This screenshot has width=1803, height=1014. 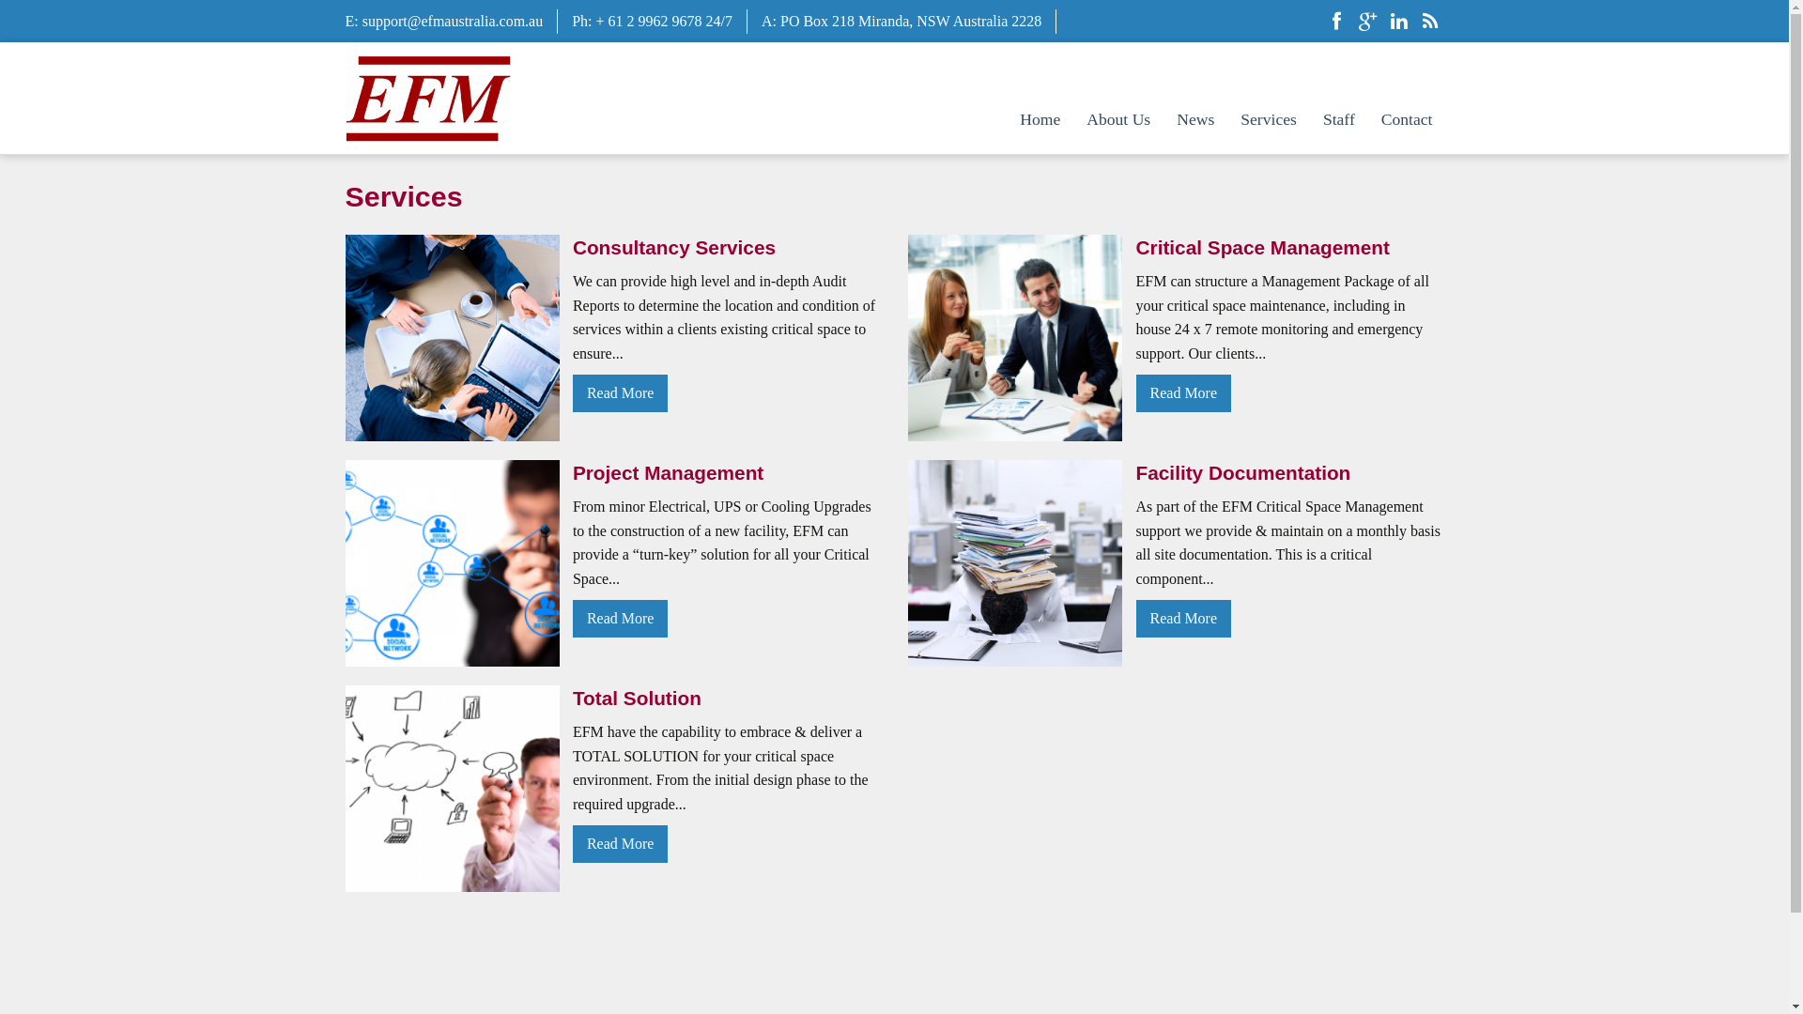 What do you see at coordinates (571, 392) in the screenshot?
I see `'Read More'` at bounding box center [571, 392].